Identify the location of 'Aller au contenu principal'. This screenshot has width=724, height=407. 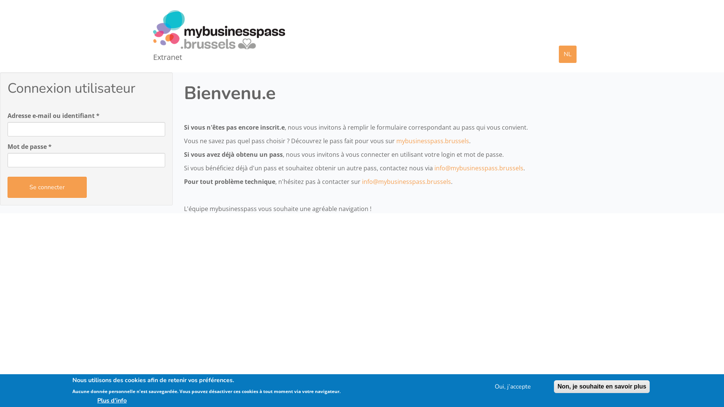
(0, 8).